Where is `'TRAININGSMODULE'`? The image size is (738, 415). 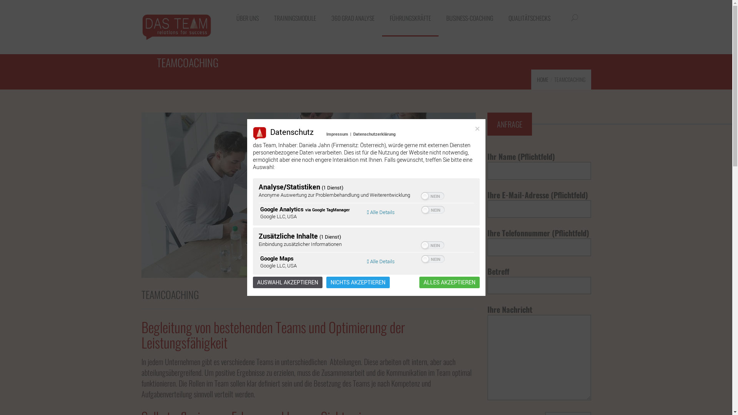
'TRAININGSMODULE' is located at coordinates (294, 18).